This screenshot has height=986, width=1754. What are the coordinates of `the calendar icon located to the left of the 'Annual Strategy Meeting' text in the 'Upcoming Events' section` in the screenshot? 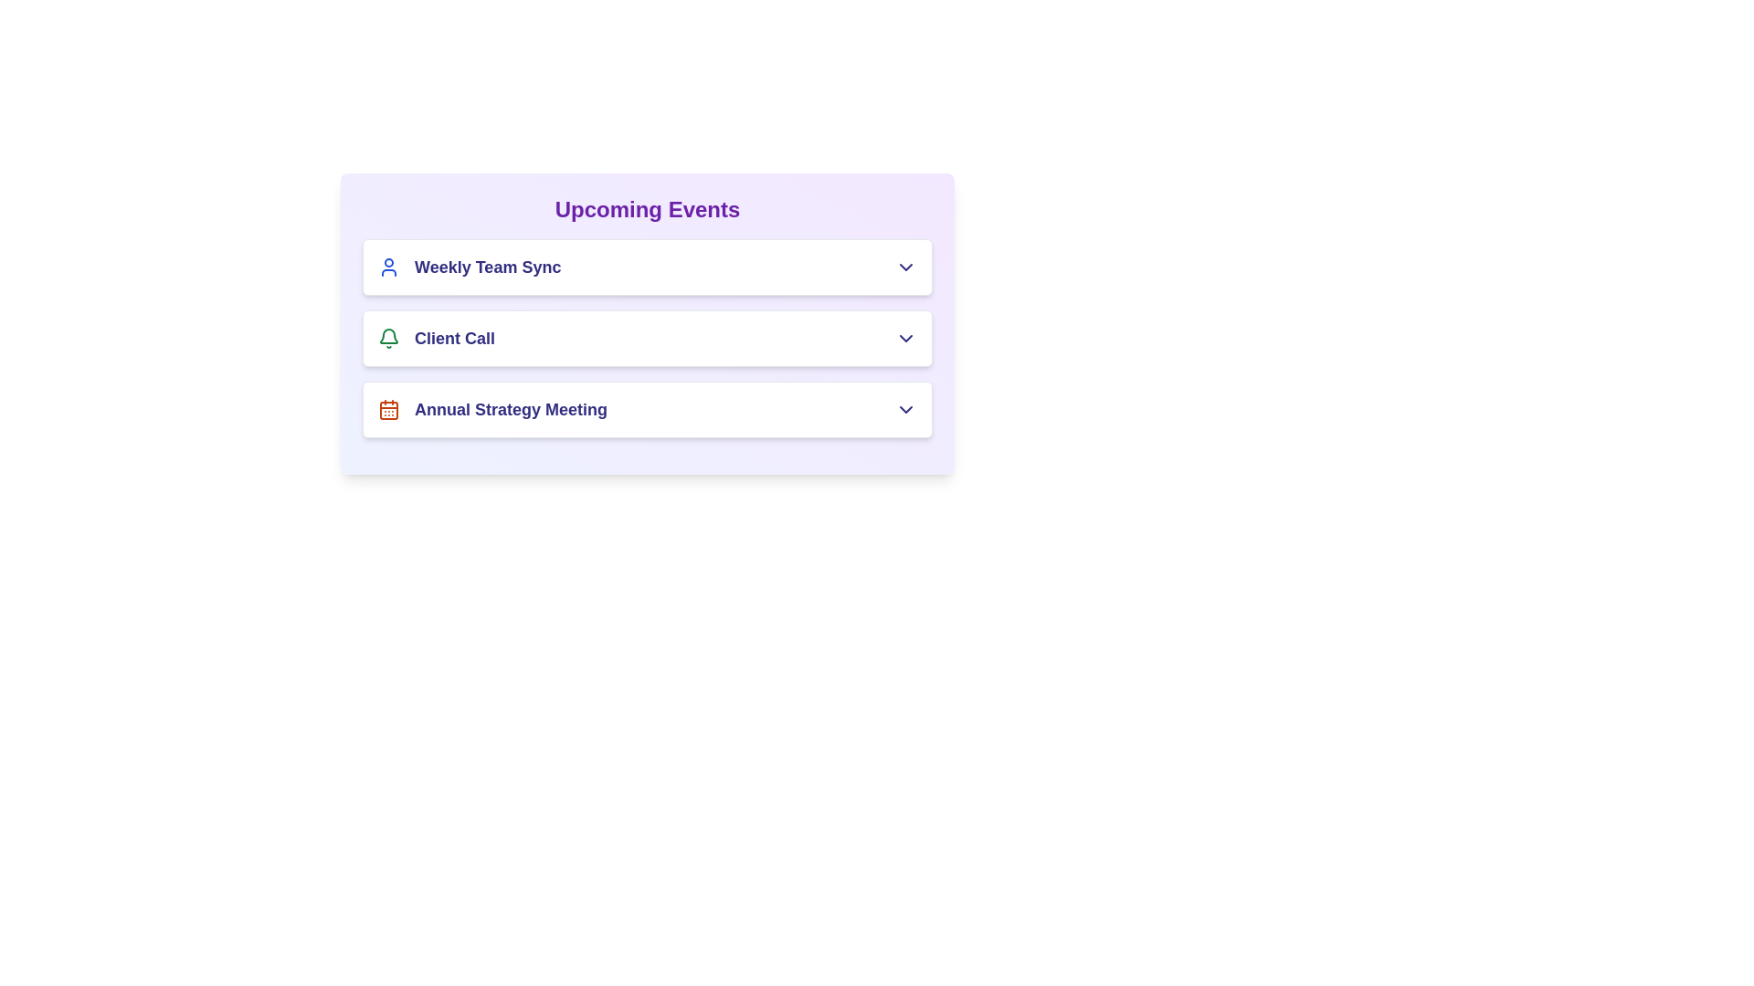 It's located at (388, 408).